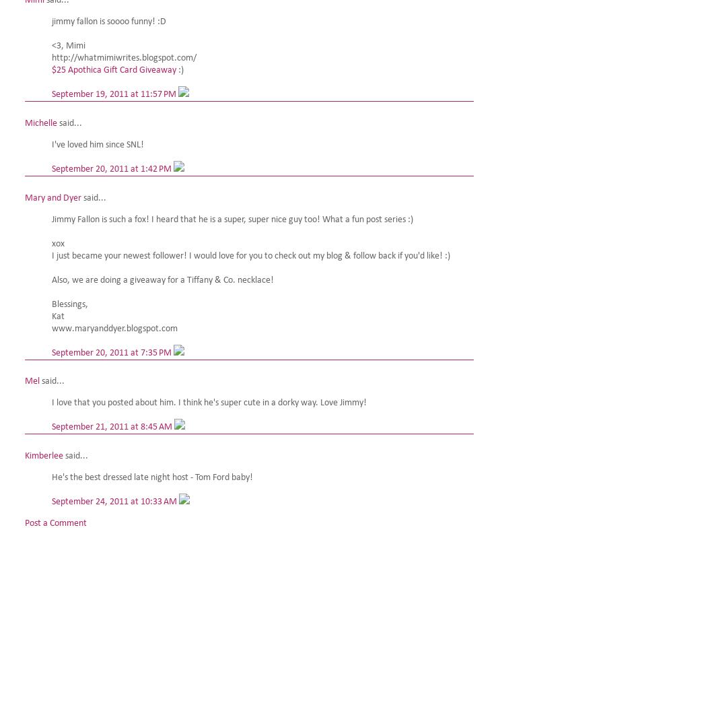 This screenshot has height=707, width=712. I want to click on 'Jimmy Fallon is such a fox! I heard that he is a super, super nice guy too! What a fun post series :)', so click(232, 219).